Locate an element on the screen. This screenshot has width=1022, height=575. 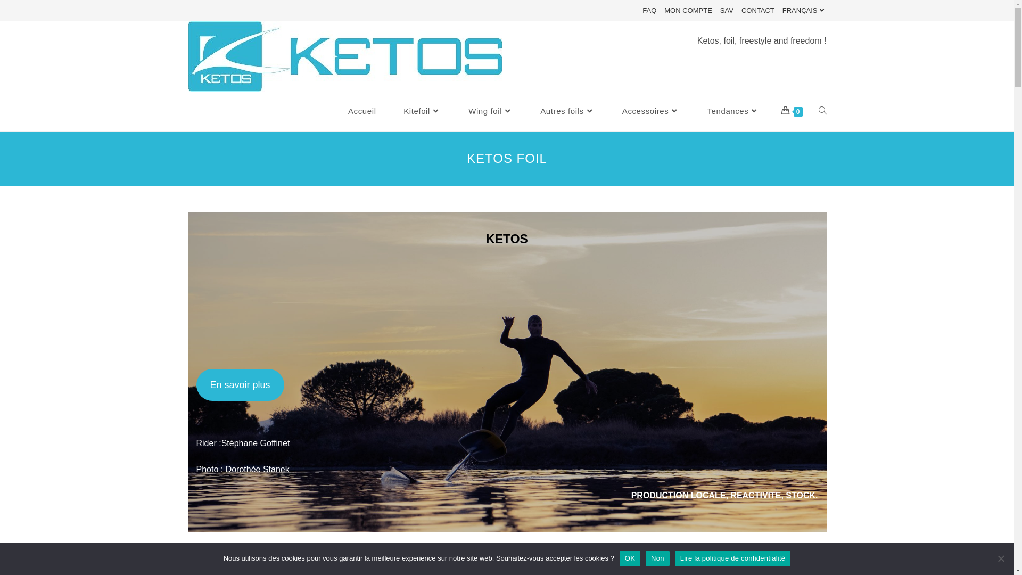
'Non' is located at coordinates (645, 558).